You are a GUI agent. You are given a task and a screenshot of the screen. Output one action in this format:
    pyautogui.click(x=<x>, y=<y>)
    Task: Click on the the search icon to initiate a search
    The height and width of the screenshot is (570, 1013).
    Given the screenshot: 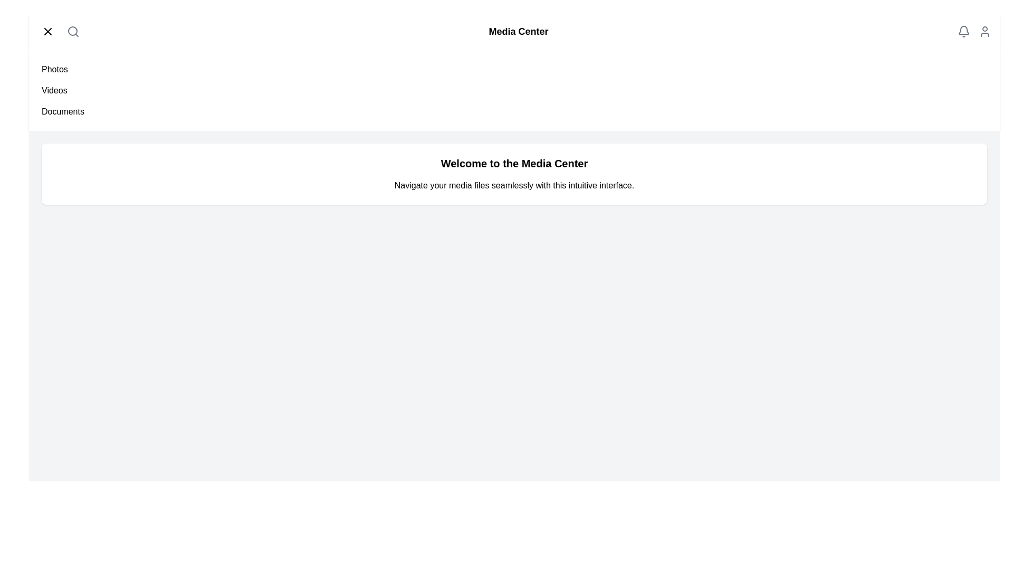 What is the action you would take?
    pyautogui.click(x=73, y=31)
    